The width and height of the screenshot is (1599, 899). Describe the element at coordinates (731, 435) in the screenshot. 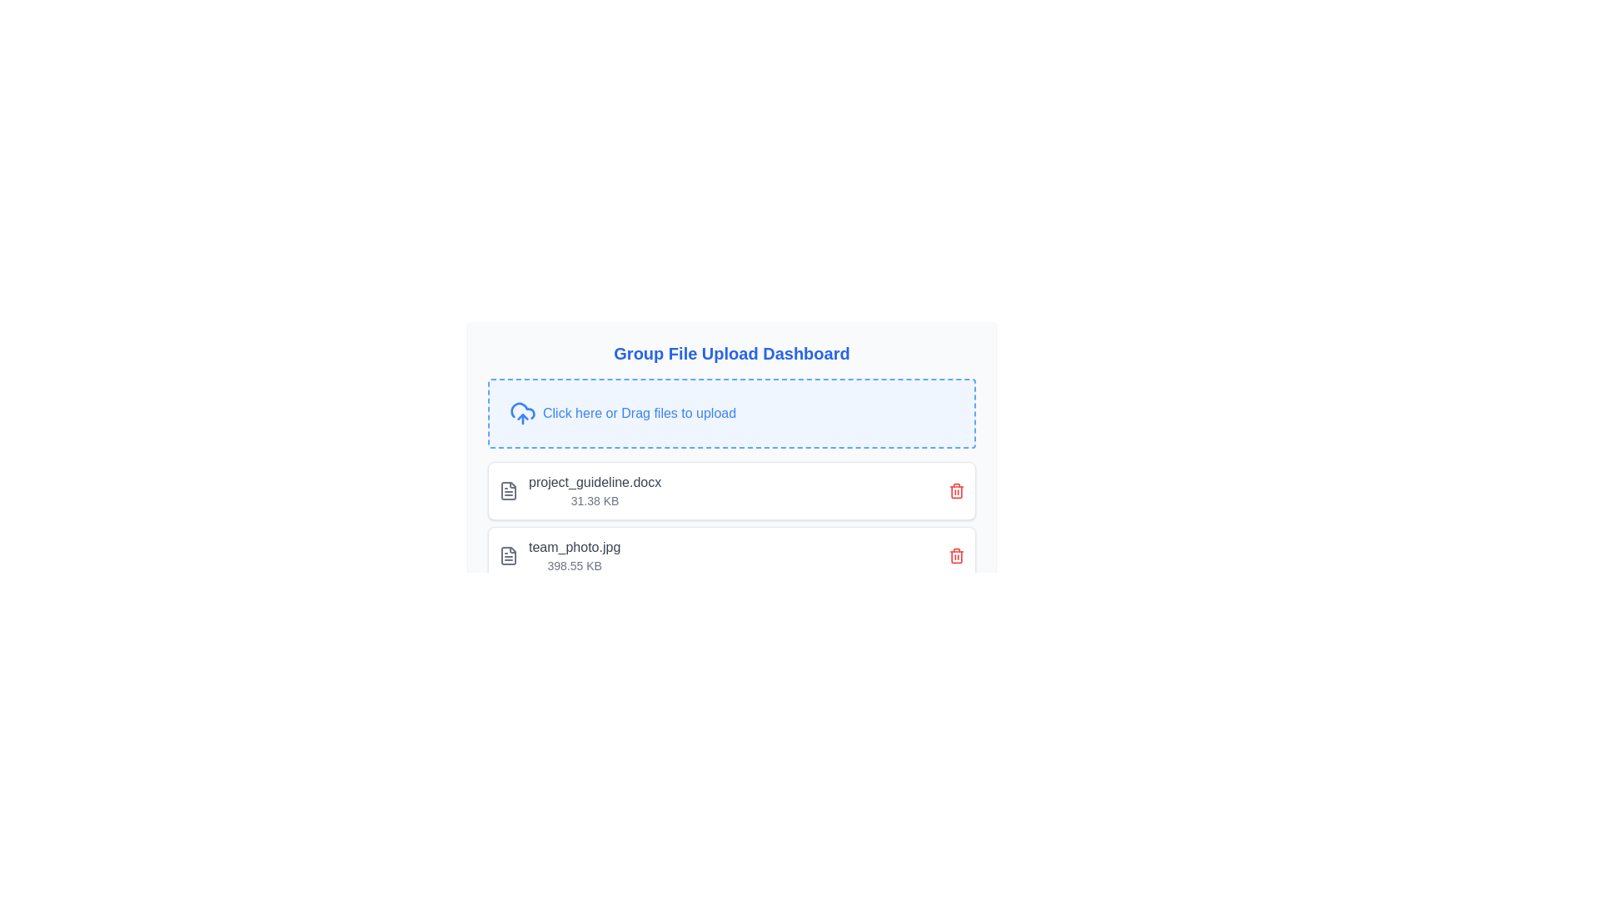

I see `the File Upload Area located in the Group File Upload Dashboard` at that location.